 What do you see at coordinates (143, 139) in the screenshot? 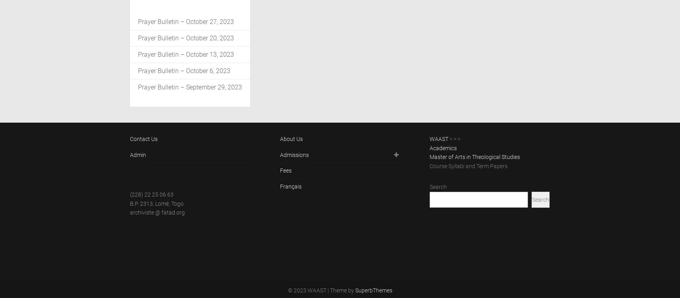
I see `'Contact Us'` at bounding box center [143, 139].